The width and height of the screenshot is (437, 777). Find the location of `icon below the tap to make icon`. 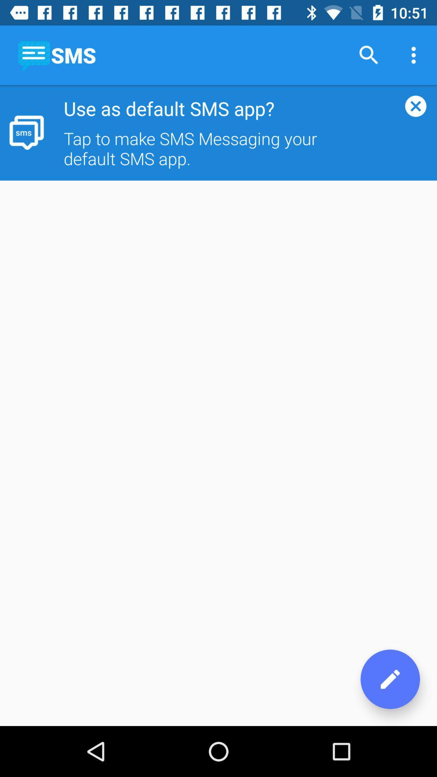

icon below the tap to make icon is located at coordinates (390, 679).